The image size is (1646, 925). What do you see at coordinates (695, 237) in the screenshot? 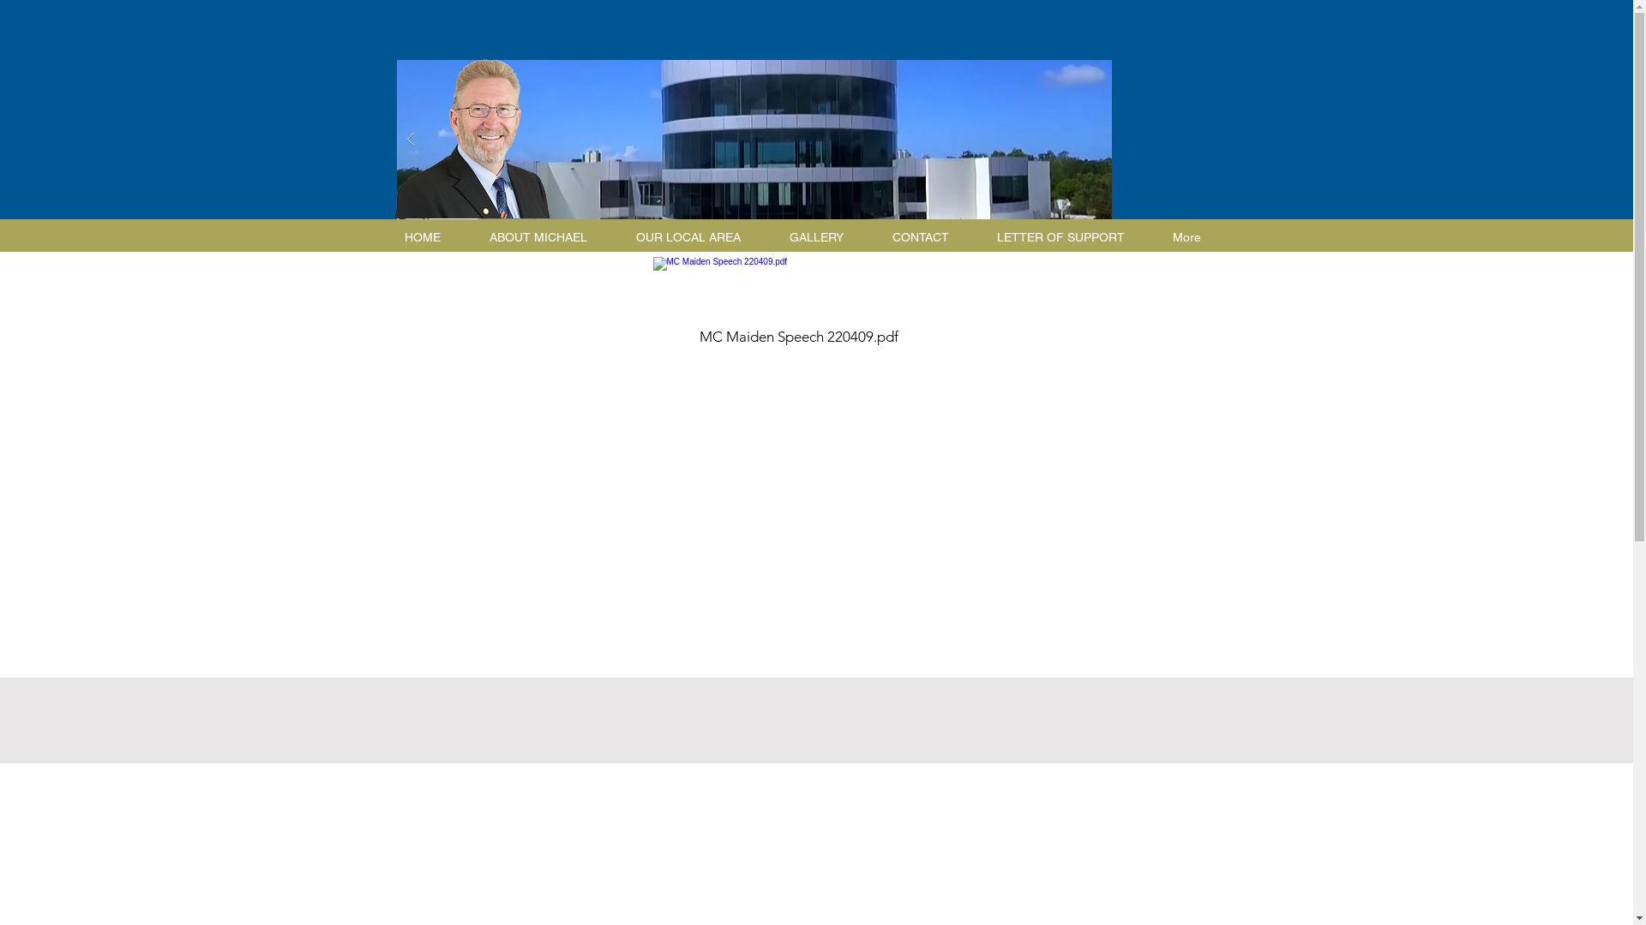
I see `'OUR LOCAL AREA'` at bounding box center [695, 237].